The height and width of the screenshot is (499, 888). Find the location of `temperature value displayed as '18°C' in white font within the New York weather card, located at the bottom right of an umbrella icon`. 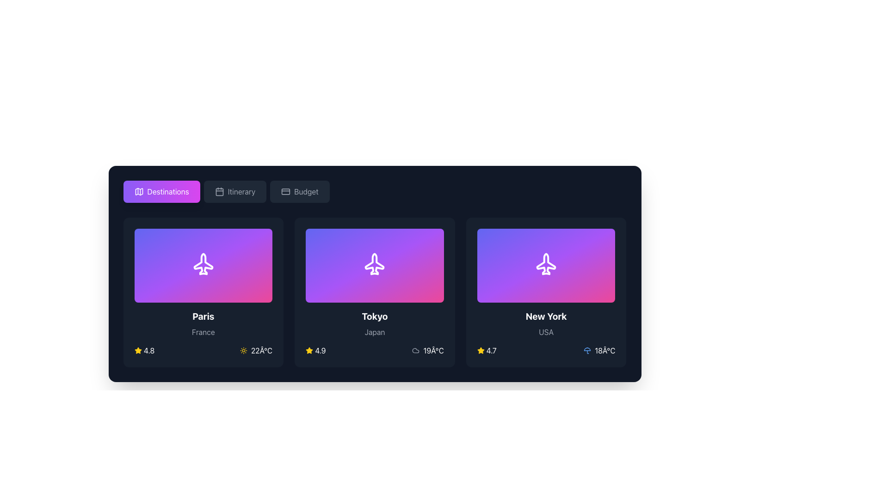

temperature value displayed as '18°C' in white font within the New York weather card, located at the bottom right of an umbrella icon is located at coordinates (605, 351).